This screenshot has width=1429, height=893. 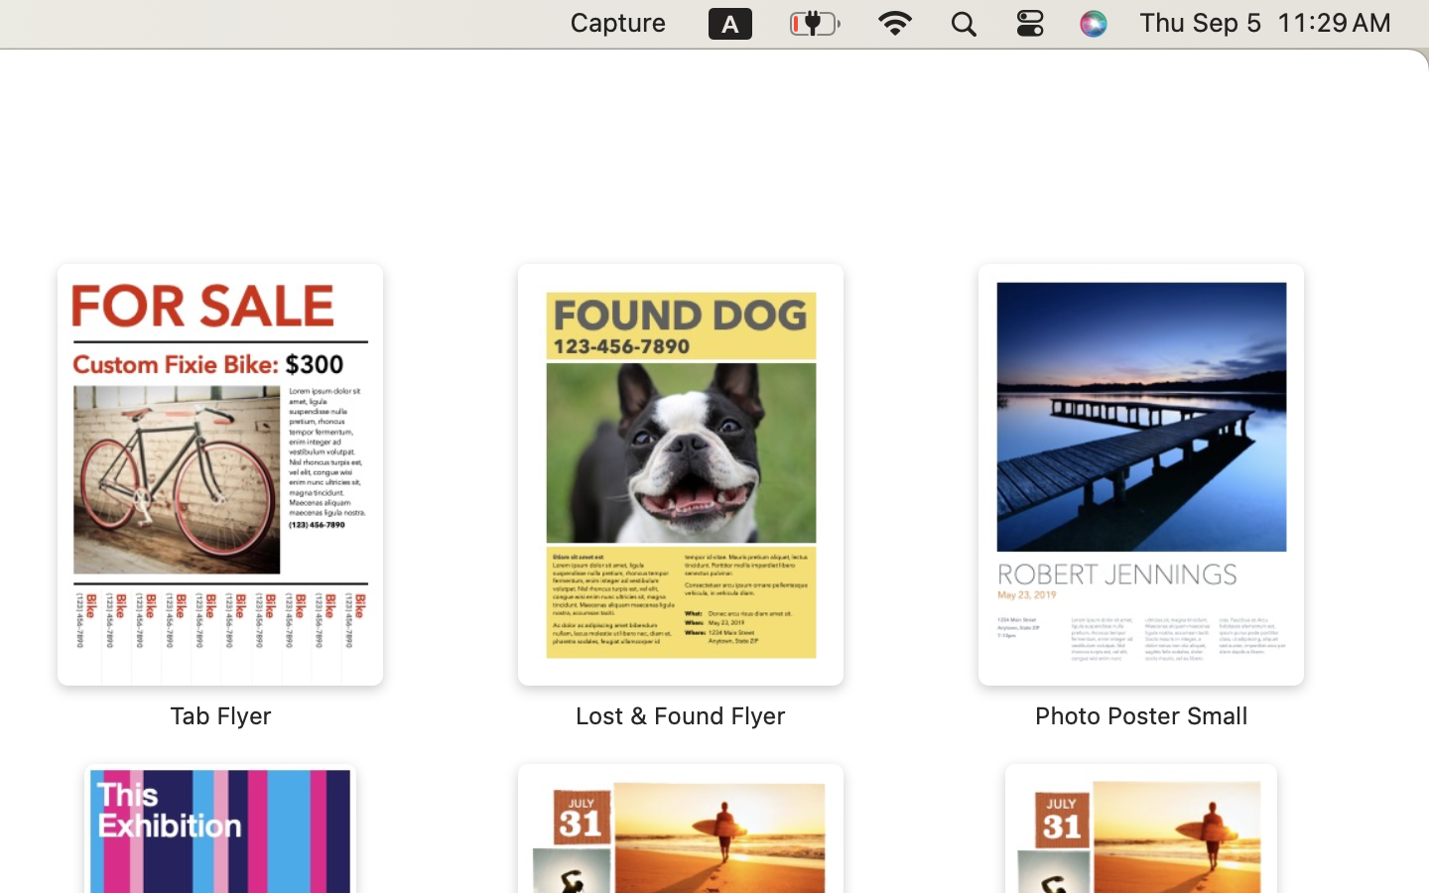 I want to click on '‎⁨Photo Poster Small⁩', so click(x=1140, y=496).